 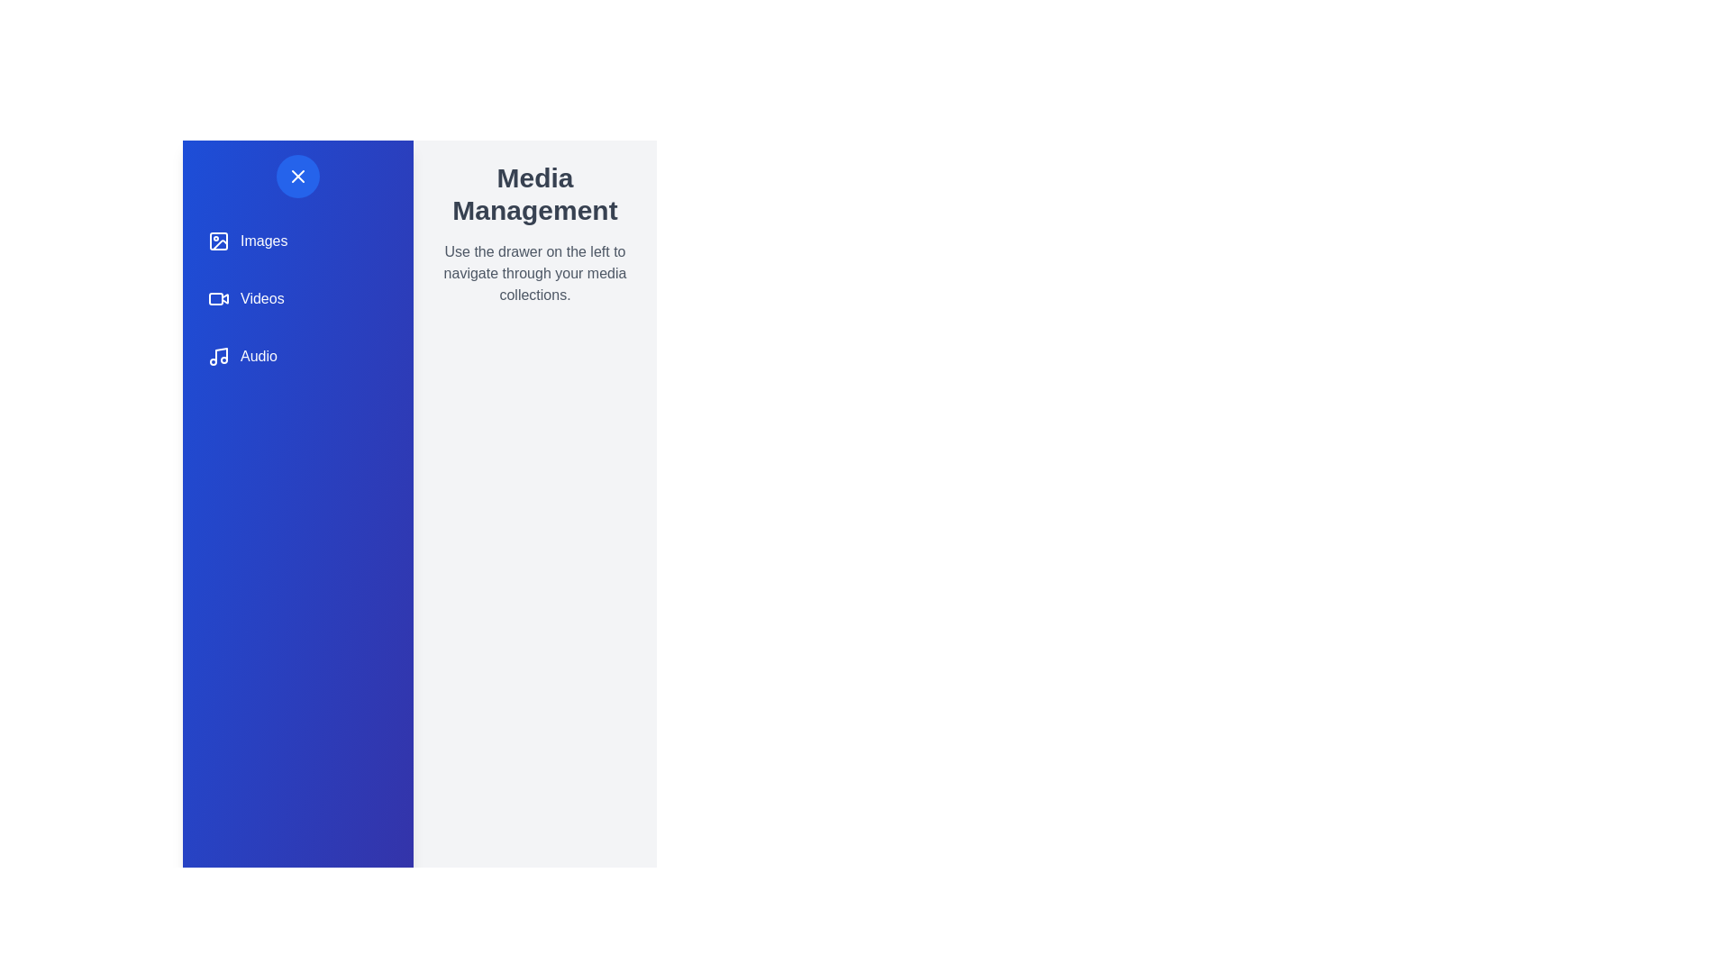 I want to click on the 'Videos' text label in the second row of the menu, so click(x=261, y=297).